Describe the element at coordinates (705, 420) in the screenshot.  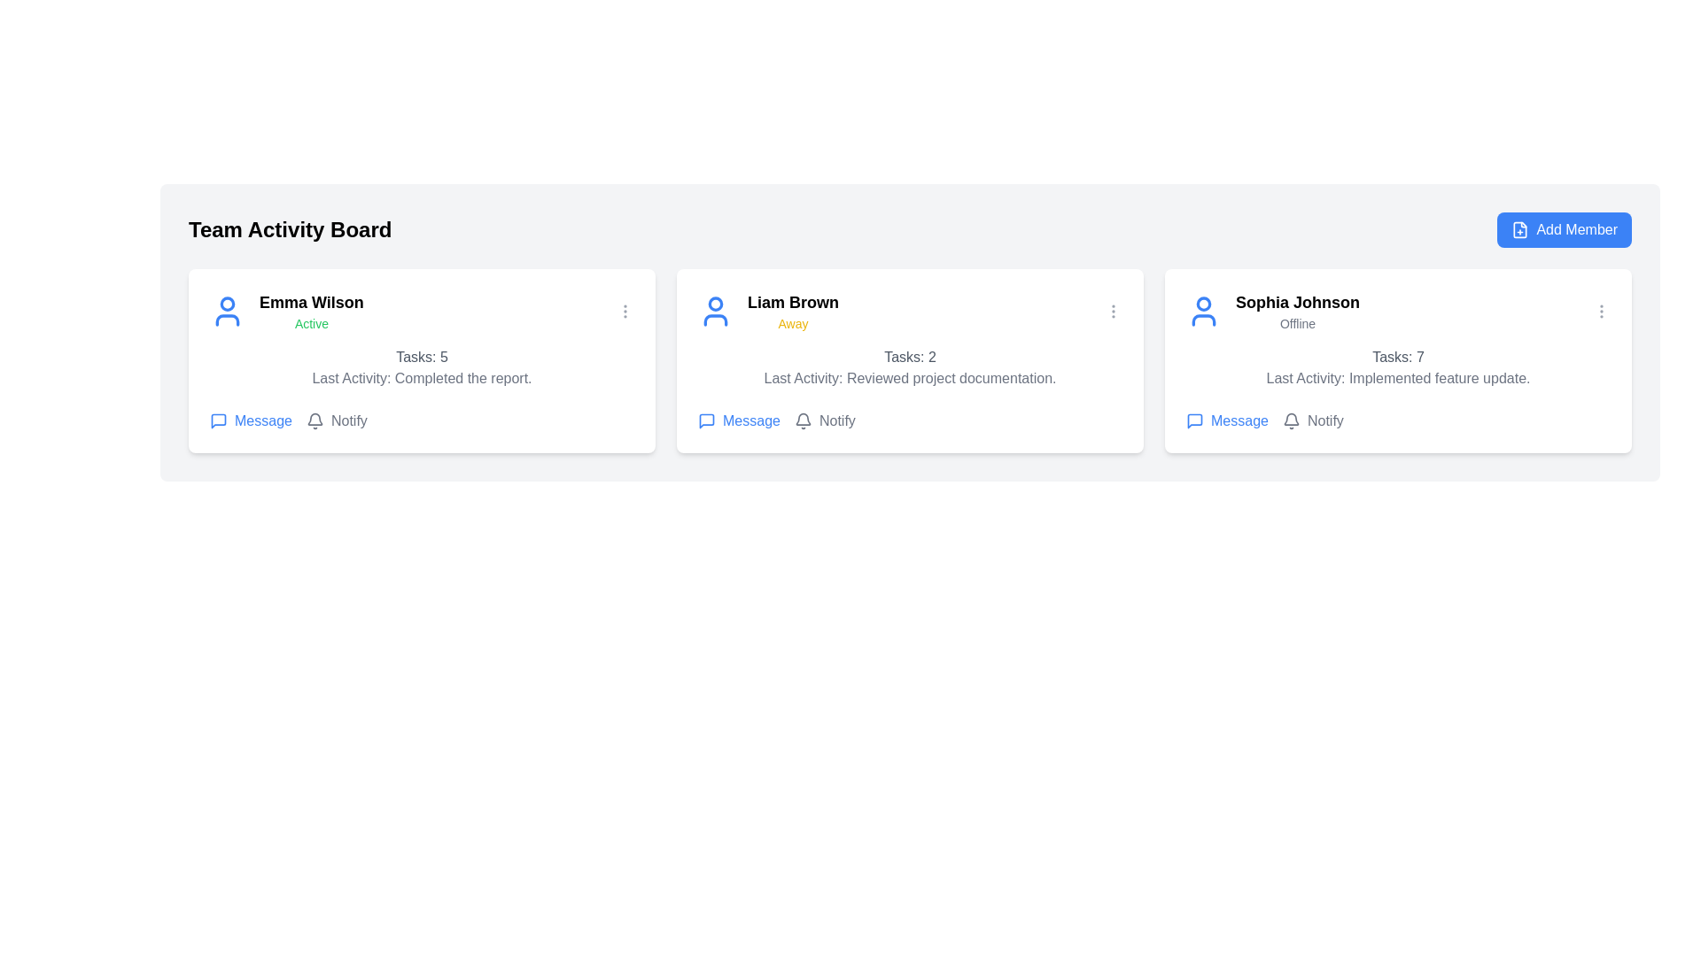
I see `the chat bubble icon with a blue outline located in the second card for 'Liam Brown', positioned at the bottom-left corner before the 'Message' label` at that location.